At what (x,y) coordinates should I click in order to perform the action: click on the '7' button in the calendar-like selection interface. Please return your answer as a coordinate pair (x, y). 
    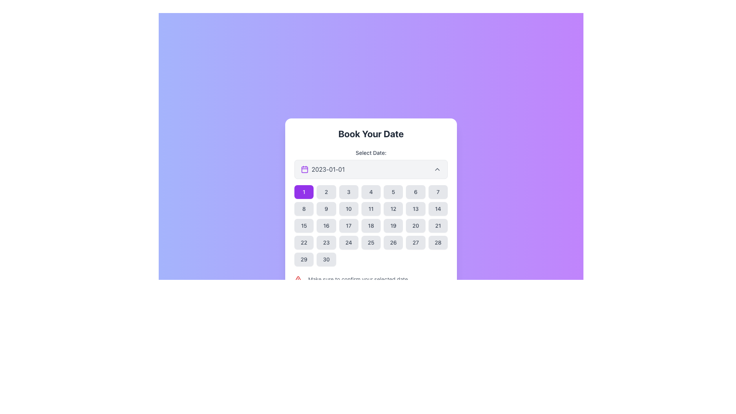
    Looking at the image, I should click on (438, 192).